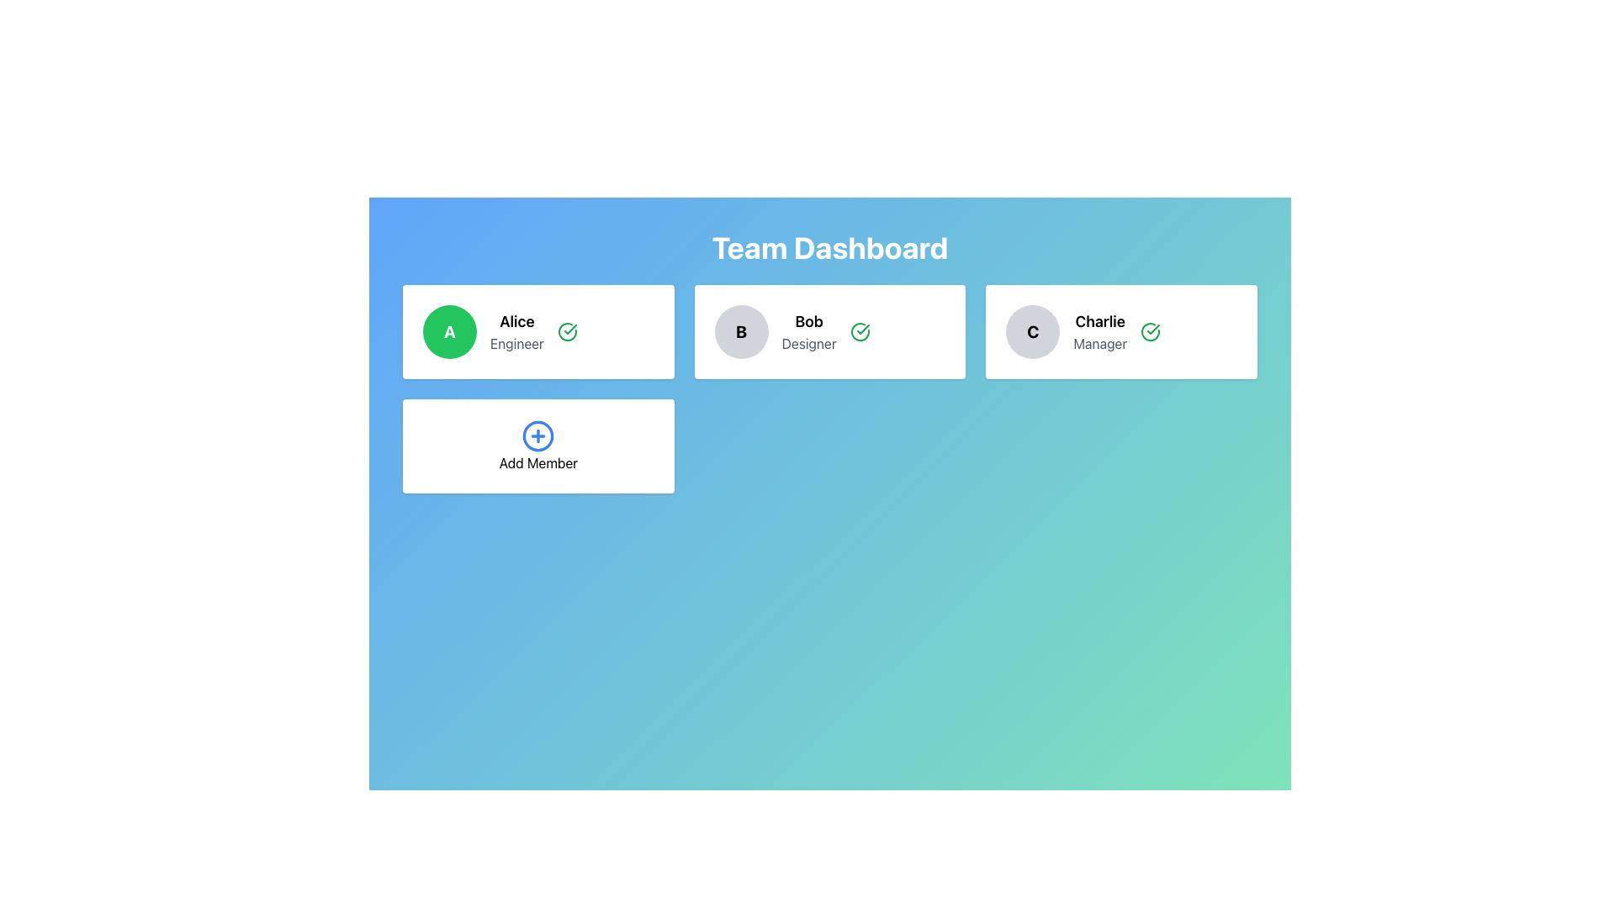 The height and width of the screenshot is (908, 1615). Describe the element at coordinates (538, 436) in the screenshot. I see `the blue circular button with a white outline plus sign inside, located centrally within the 'Add Member' card on the dashboard, to invoke its action` at that location.